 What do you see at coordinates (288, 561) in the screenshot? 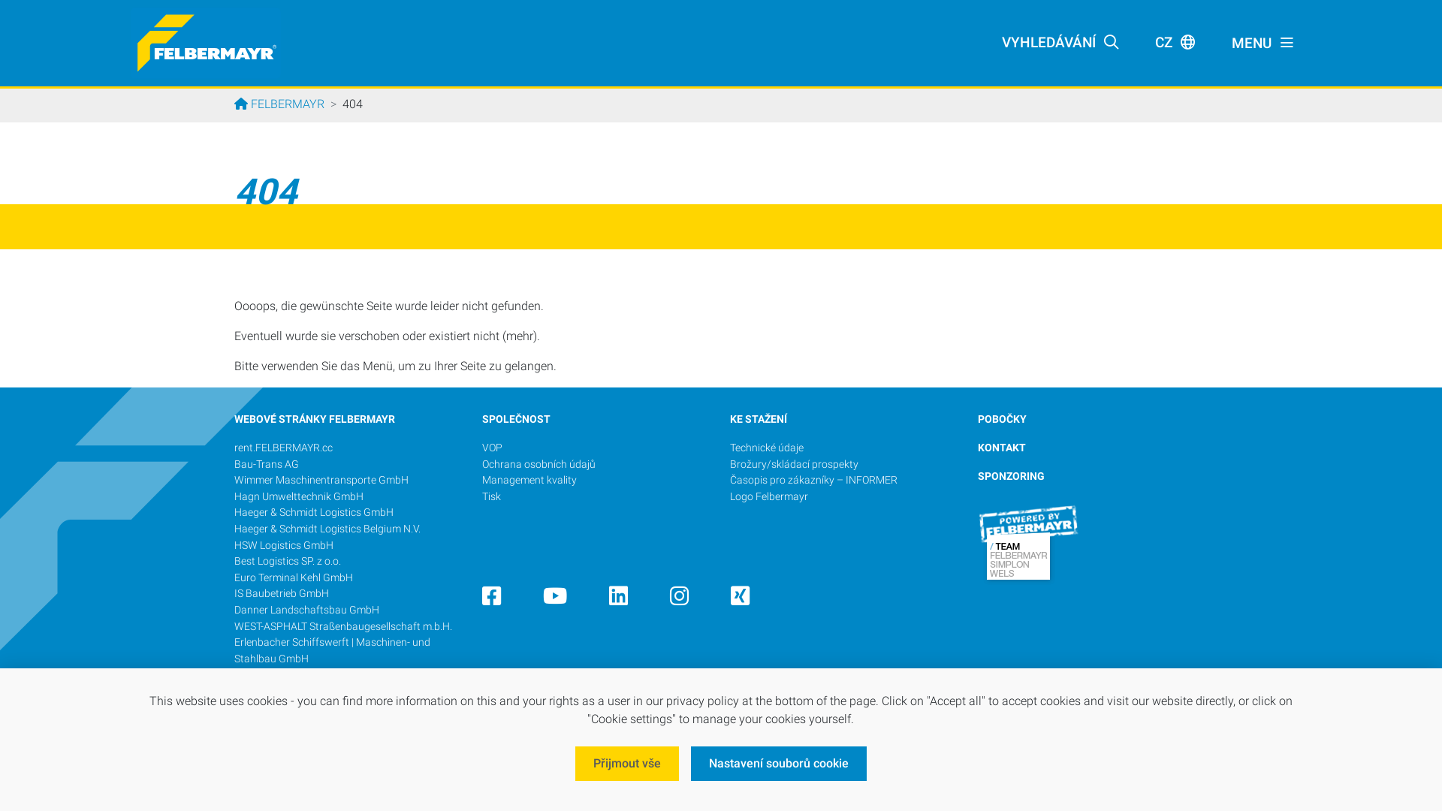
I see `'Best Logistics SP. z o.o.'` at bounding box center [288, 561].